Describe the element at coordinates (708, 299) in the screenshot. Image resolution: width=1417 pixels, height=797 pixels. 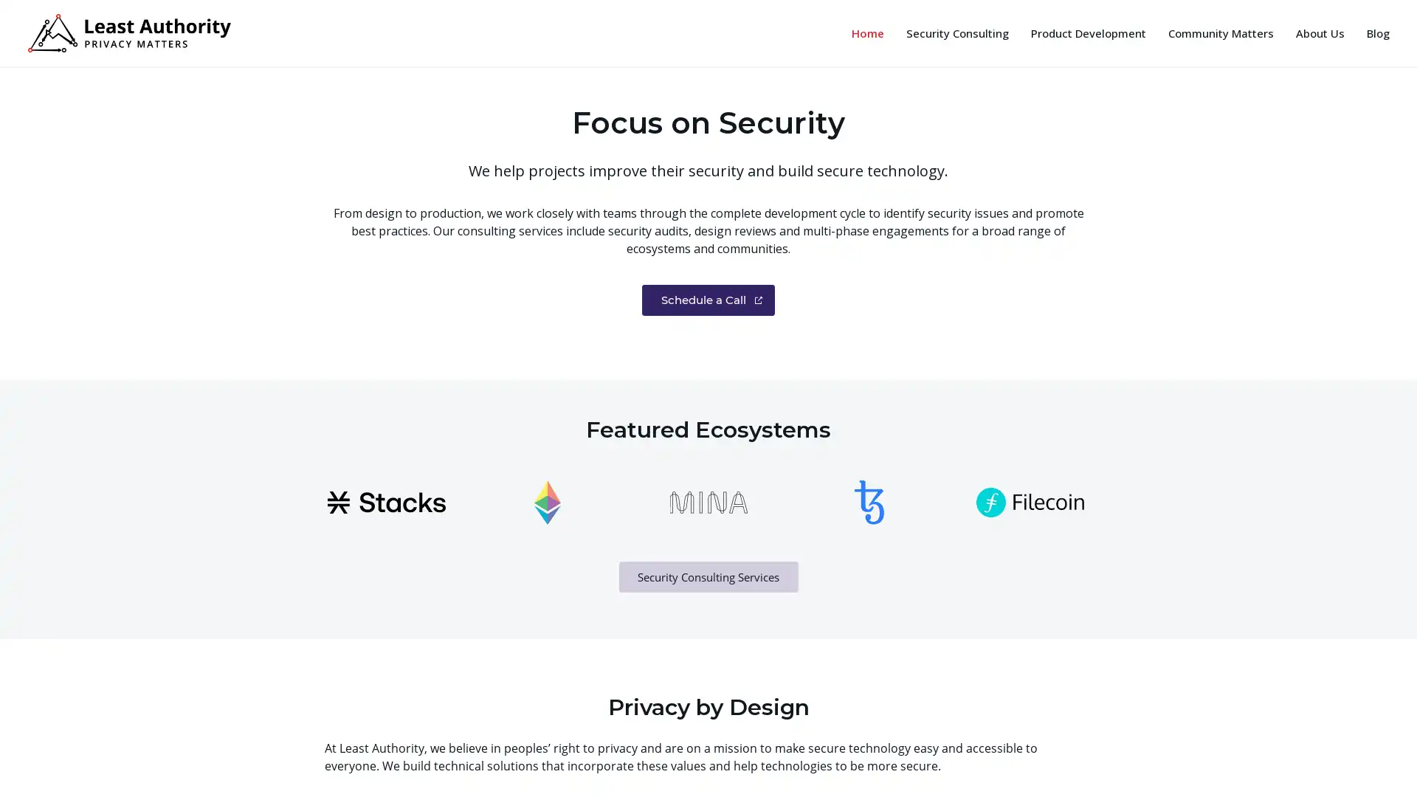
I see `Schedule a Call` at that location.